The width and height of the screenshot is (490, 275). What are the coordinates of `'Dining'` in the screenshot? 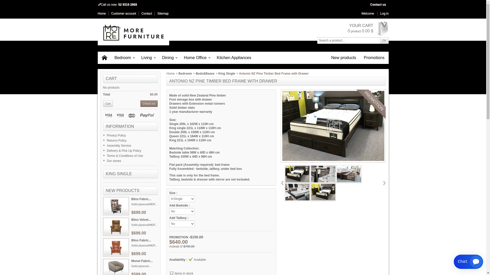 It's located at (169, 58).